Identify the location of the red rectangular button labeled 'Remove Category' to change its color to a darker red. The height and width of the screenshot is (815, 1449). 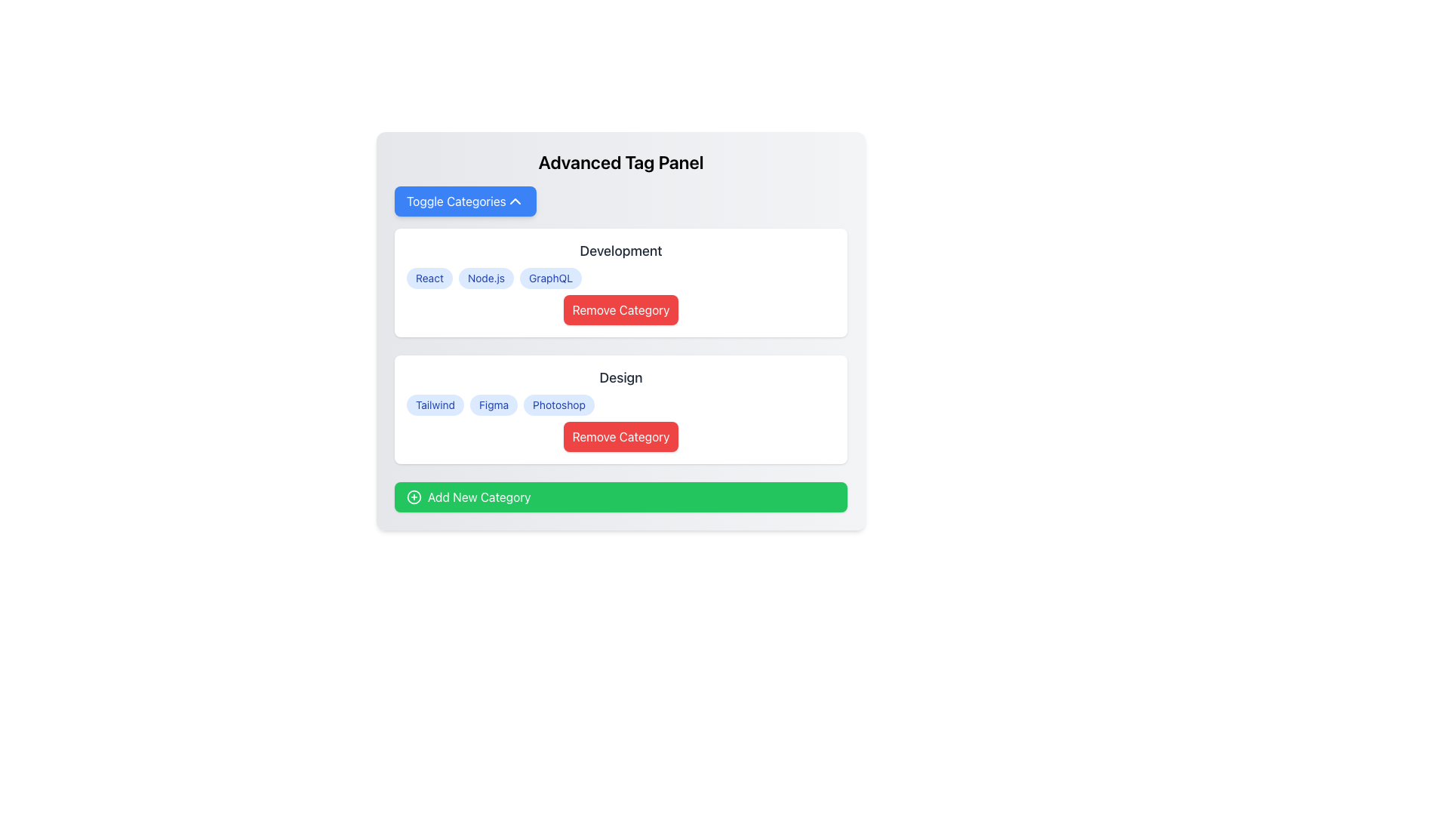
(620, 309).